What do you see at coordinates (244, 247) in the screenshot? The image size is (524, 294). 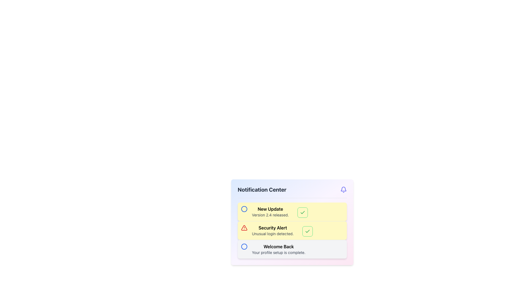 I see `the decorative icon representing the 'Welcome Back' section, which is aligned vertically with the 'Welcome Back' text` at bounding box center [244, 247].